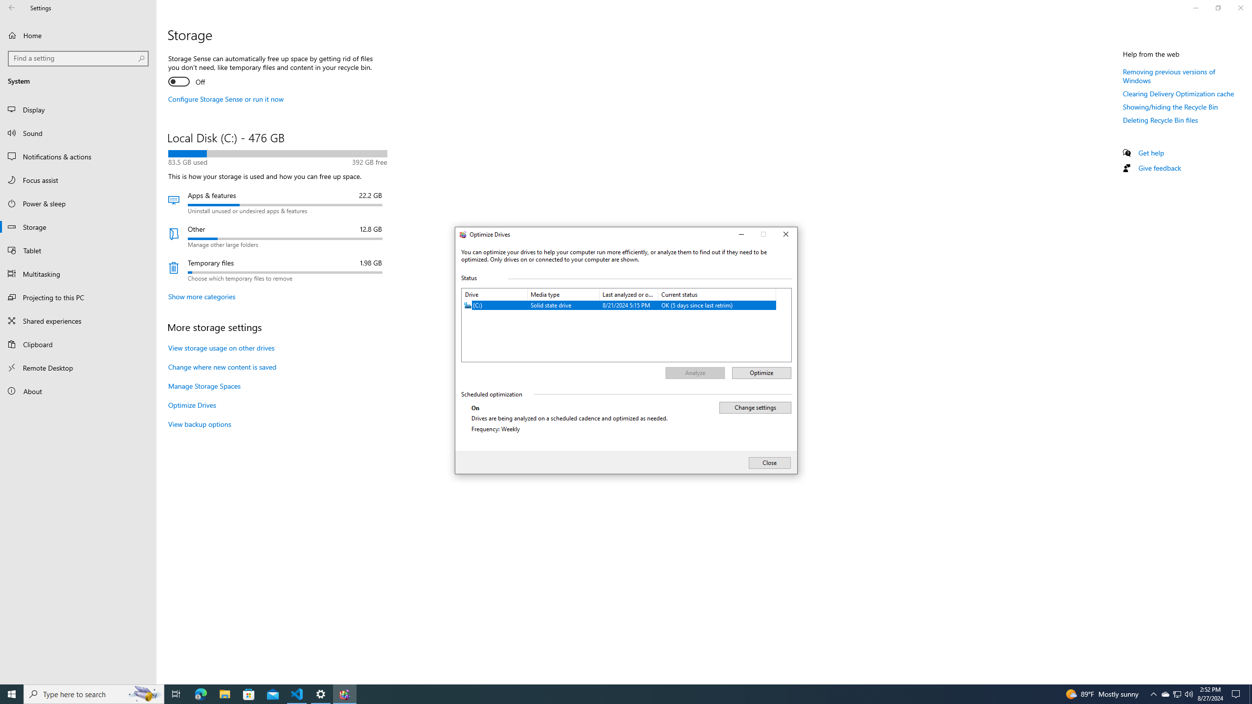 The image size is (1252, 704). What do you see at coordinates (224, 693) in the screenshot?
I see `'File Explorer'` at bounding box center [224, 693].